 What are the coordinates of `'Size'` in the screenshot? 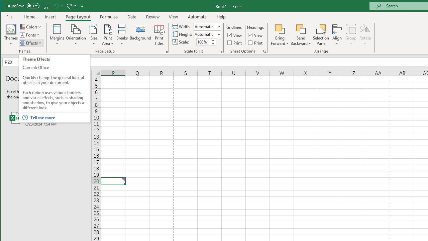 It's located at (93, 35).